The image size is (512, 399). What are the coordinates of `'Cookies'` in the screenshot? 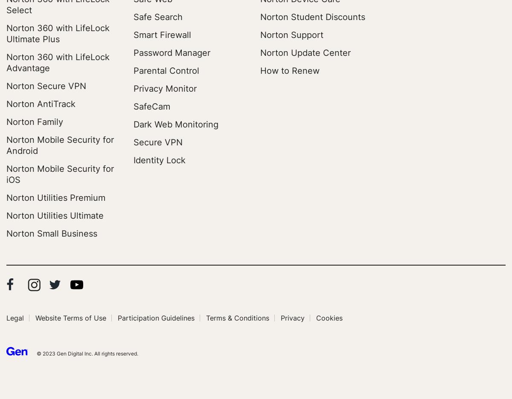 It's located at (329, 318).